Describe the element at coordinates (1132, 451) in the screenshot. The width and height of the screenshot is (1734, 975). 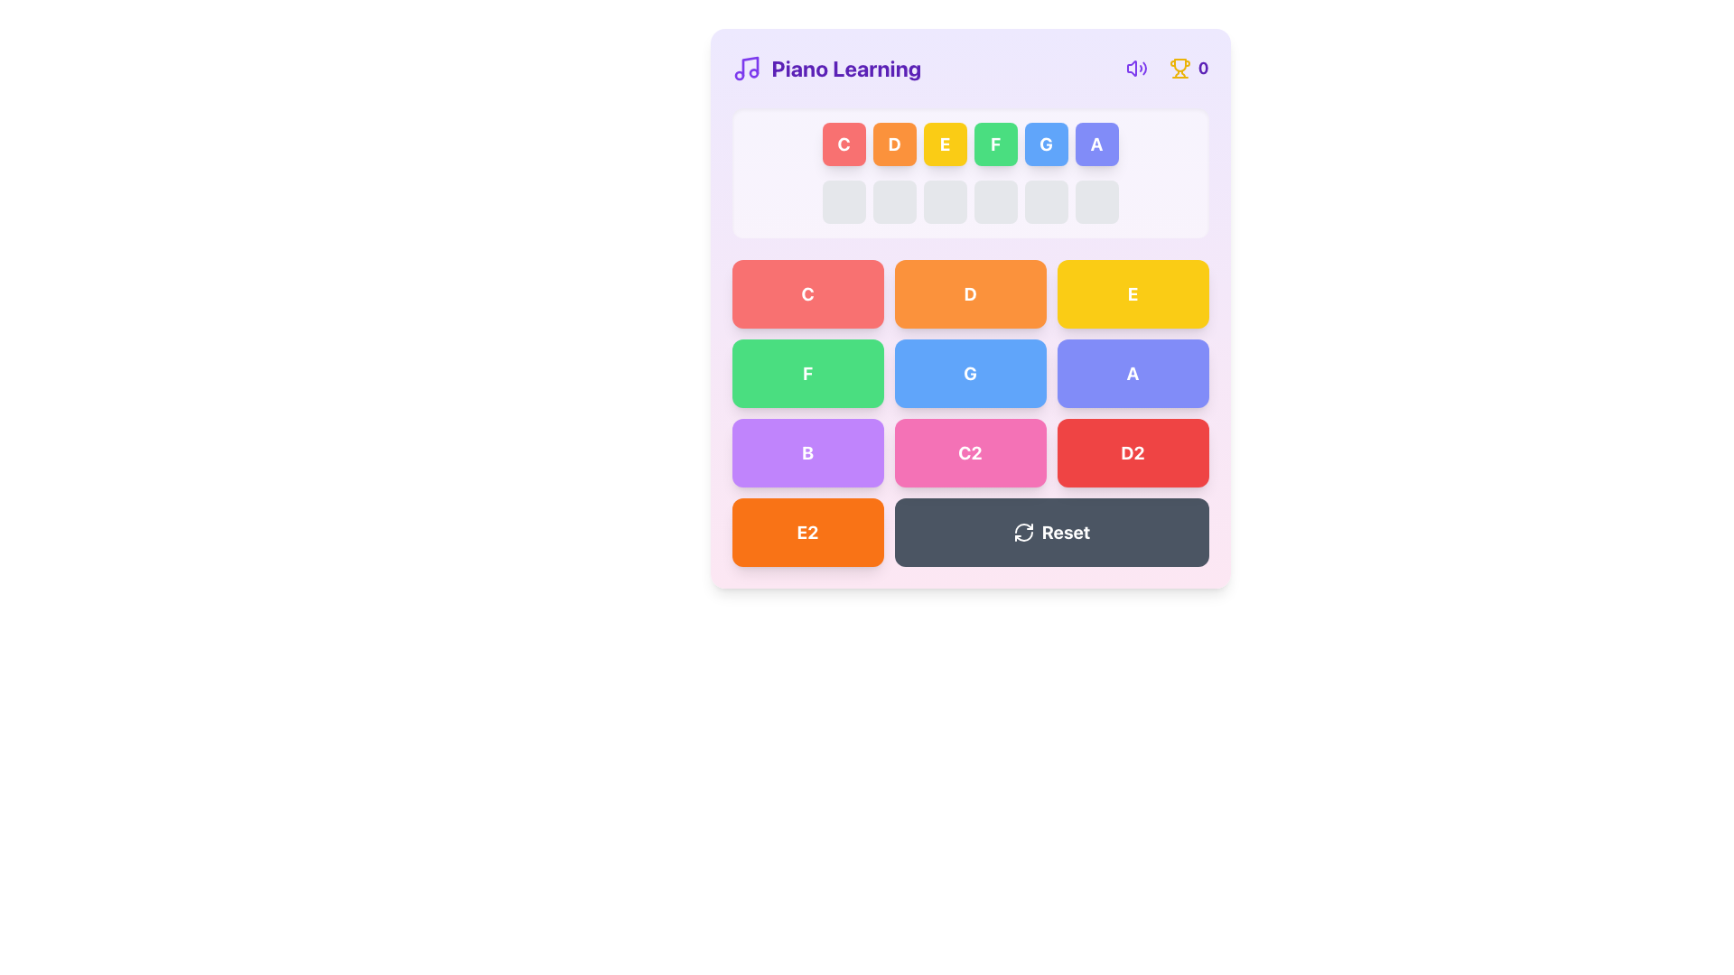
I see `the interactive button labeled 'D2'` at that location.